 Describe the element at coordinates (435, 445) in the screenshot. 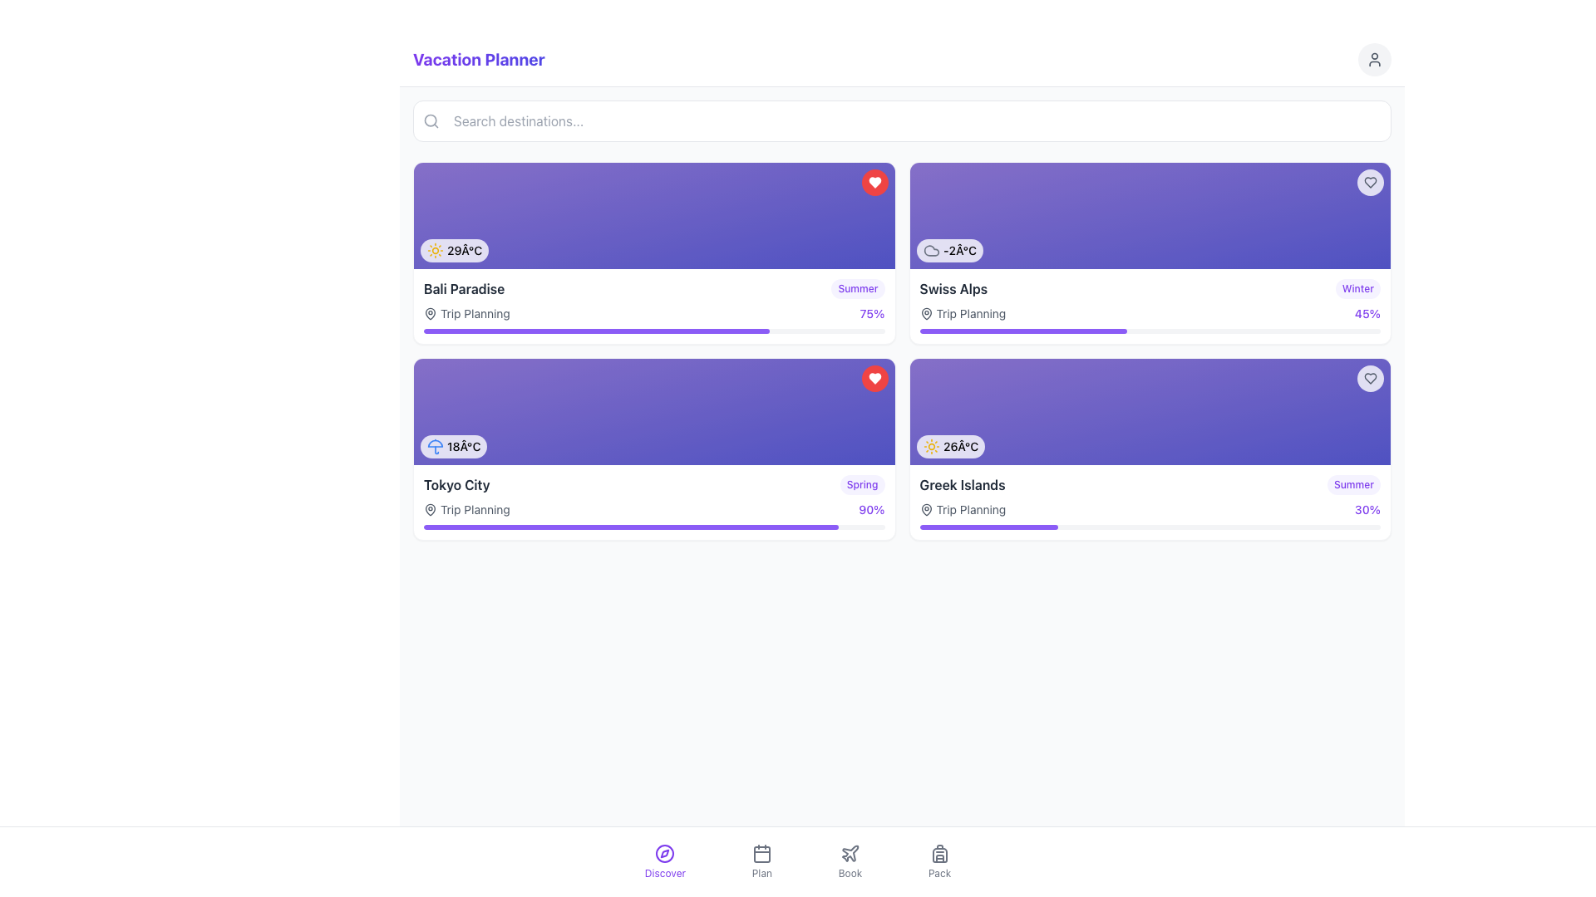

I see `the blue-stroked umbrella icon located in the bottom-left corner of the 'Tokyo City' card, which is positioned left of the temperature text '18°C'` at that location.